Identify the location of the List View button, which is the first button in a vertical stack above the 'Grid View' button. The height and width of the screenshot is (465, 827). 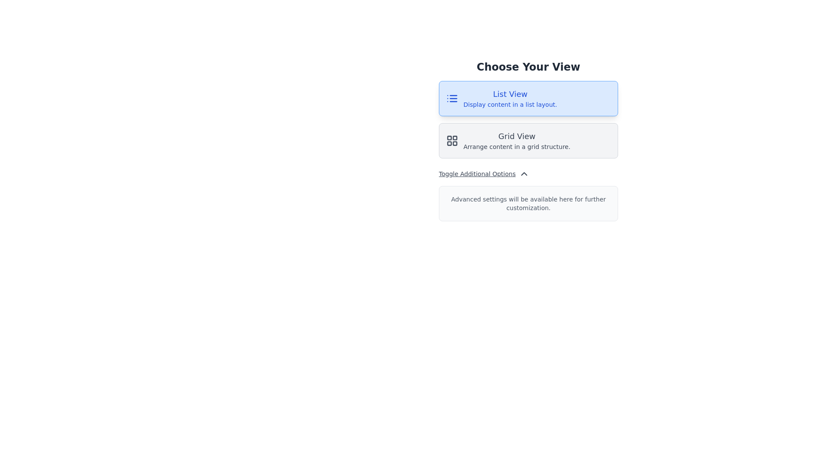
(528, 98).